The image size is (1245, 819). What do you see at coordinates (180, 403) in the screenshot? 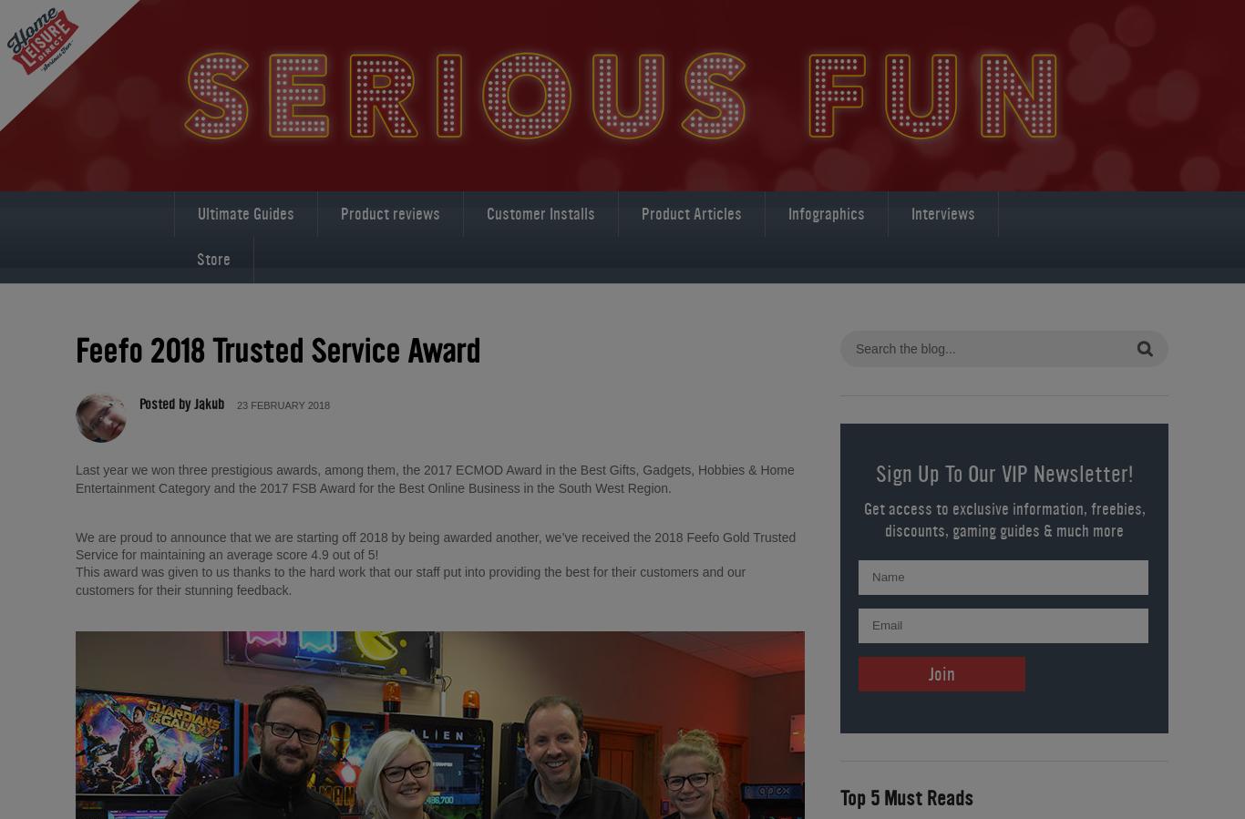
I see `'Posted by Jakub'` at bounding box center [180, 403].